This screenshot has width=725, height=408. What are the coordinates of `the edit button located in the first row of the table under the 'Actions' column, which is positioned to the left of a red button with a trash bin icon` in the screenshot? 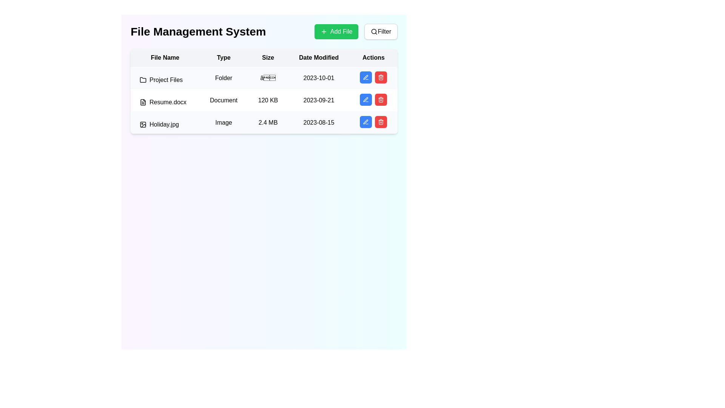 It's located at (366, 77).